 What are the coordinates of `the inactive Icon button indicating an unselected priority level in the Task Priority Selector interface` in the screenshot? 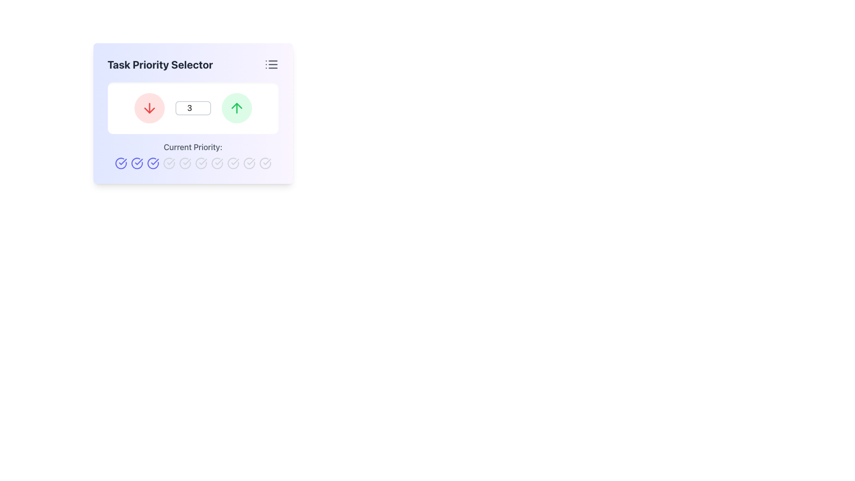 It's located at (249, 163).